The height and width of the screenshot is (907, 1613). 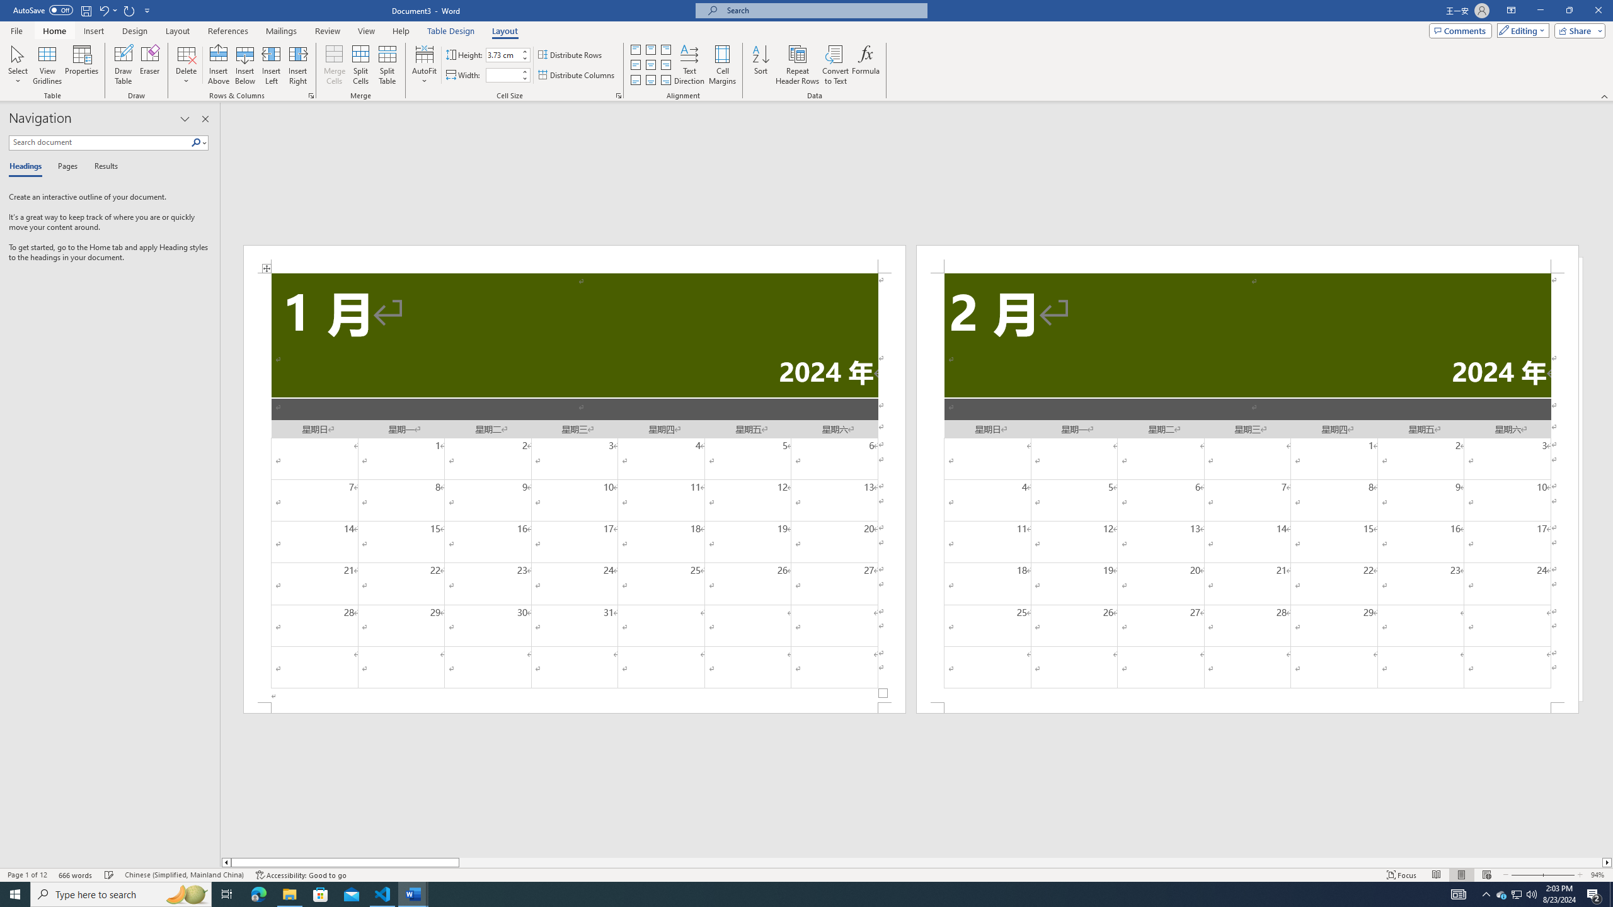 What do you see at coordinates (835, 65) in the screenshot?
I see `'Convert to Text...'` at bounding box center [835, 65].